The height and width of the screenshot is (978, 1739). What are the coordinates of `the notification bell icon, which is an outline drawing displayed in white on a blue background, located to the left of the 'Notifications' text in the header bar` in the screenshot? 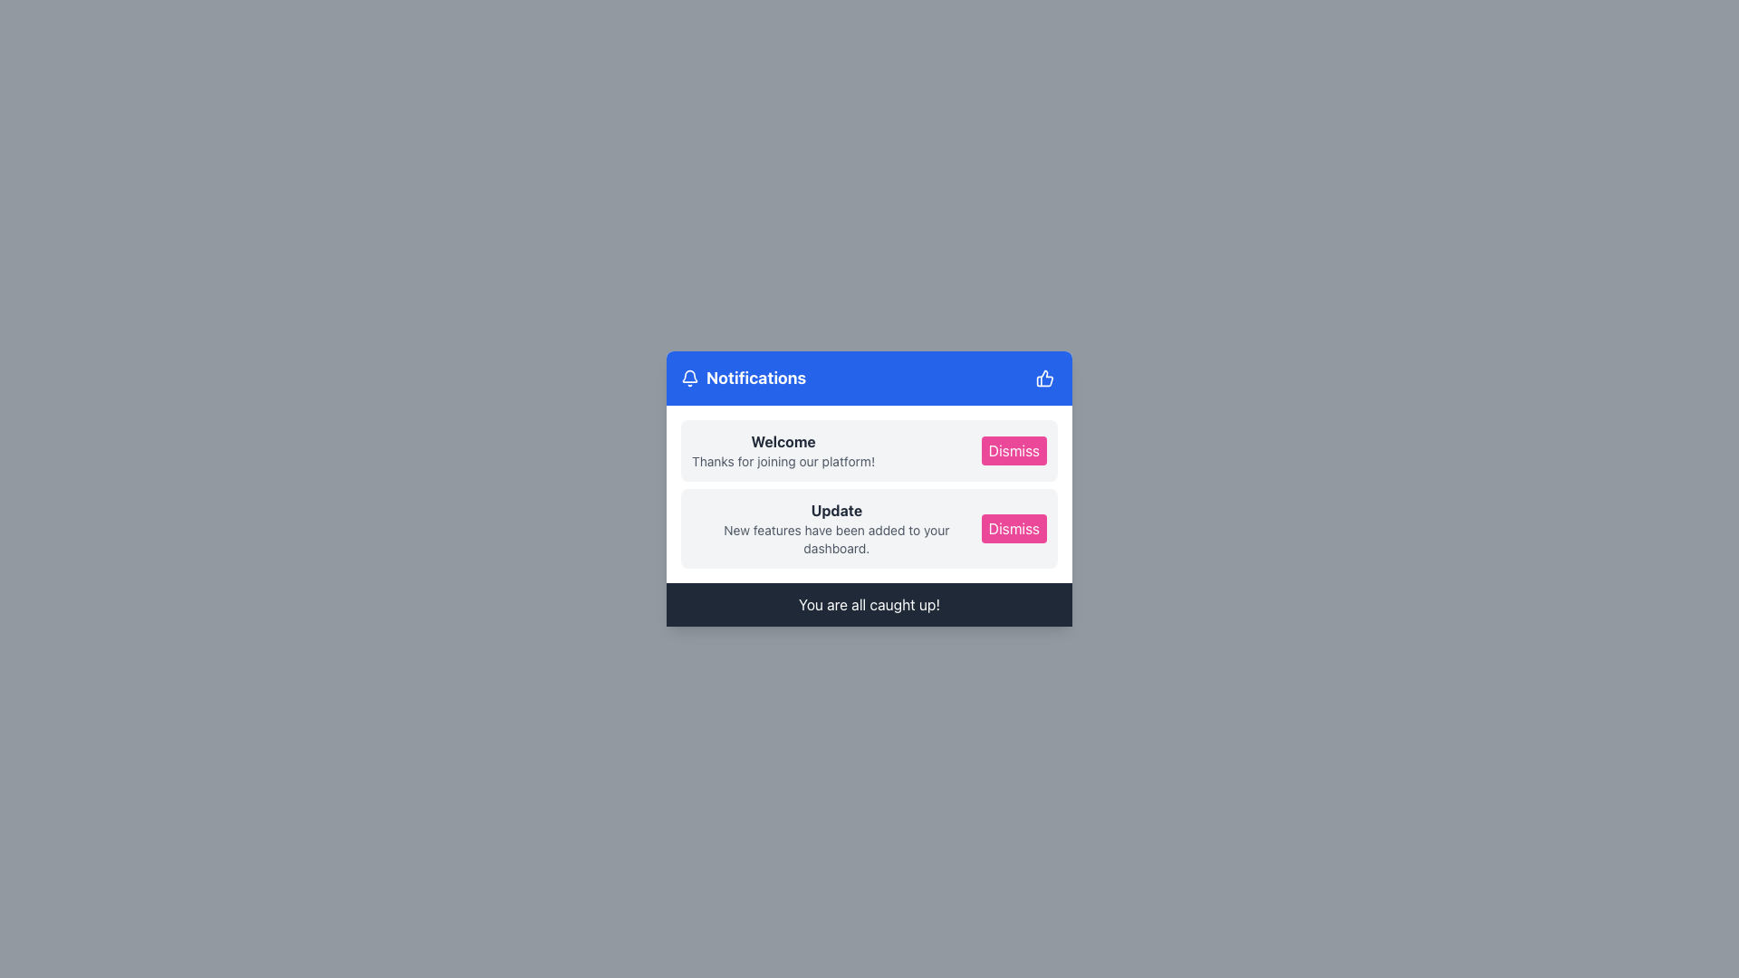 It's located at (689, 377).